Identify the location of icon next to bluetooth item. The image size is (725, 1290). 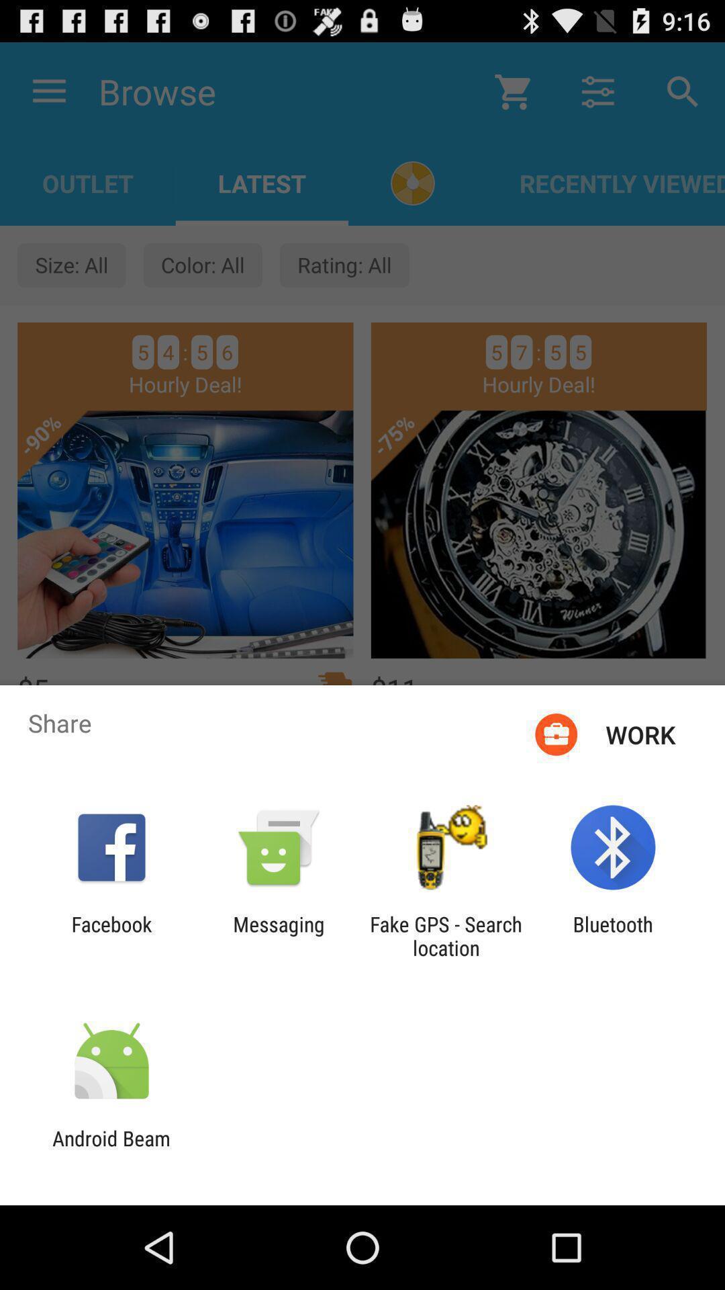
(446, 935).